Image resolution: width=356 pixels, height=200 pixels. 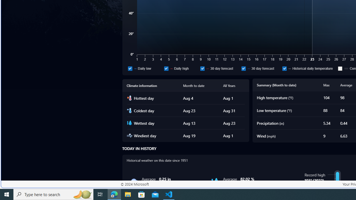 What do you see at coordinates (243, 68) in the screenshot?
I see `'30 day forecast'` at bounding box center [243, 68].